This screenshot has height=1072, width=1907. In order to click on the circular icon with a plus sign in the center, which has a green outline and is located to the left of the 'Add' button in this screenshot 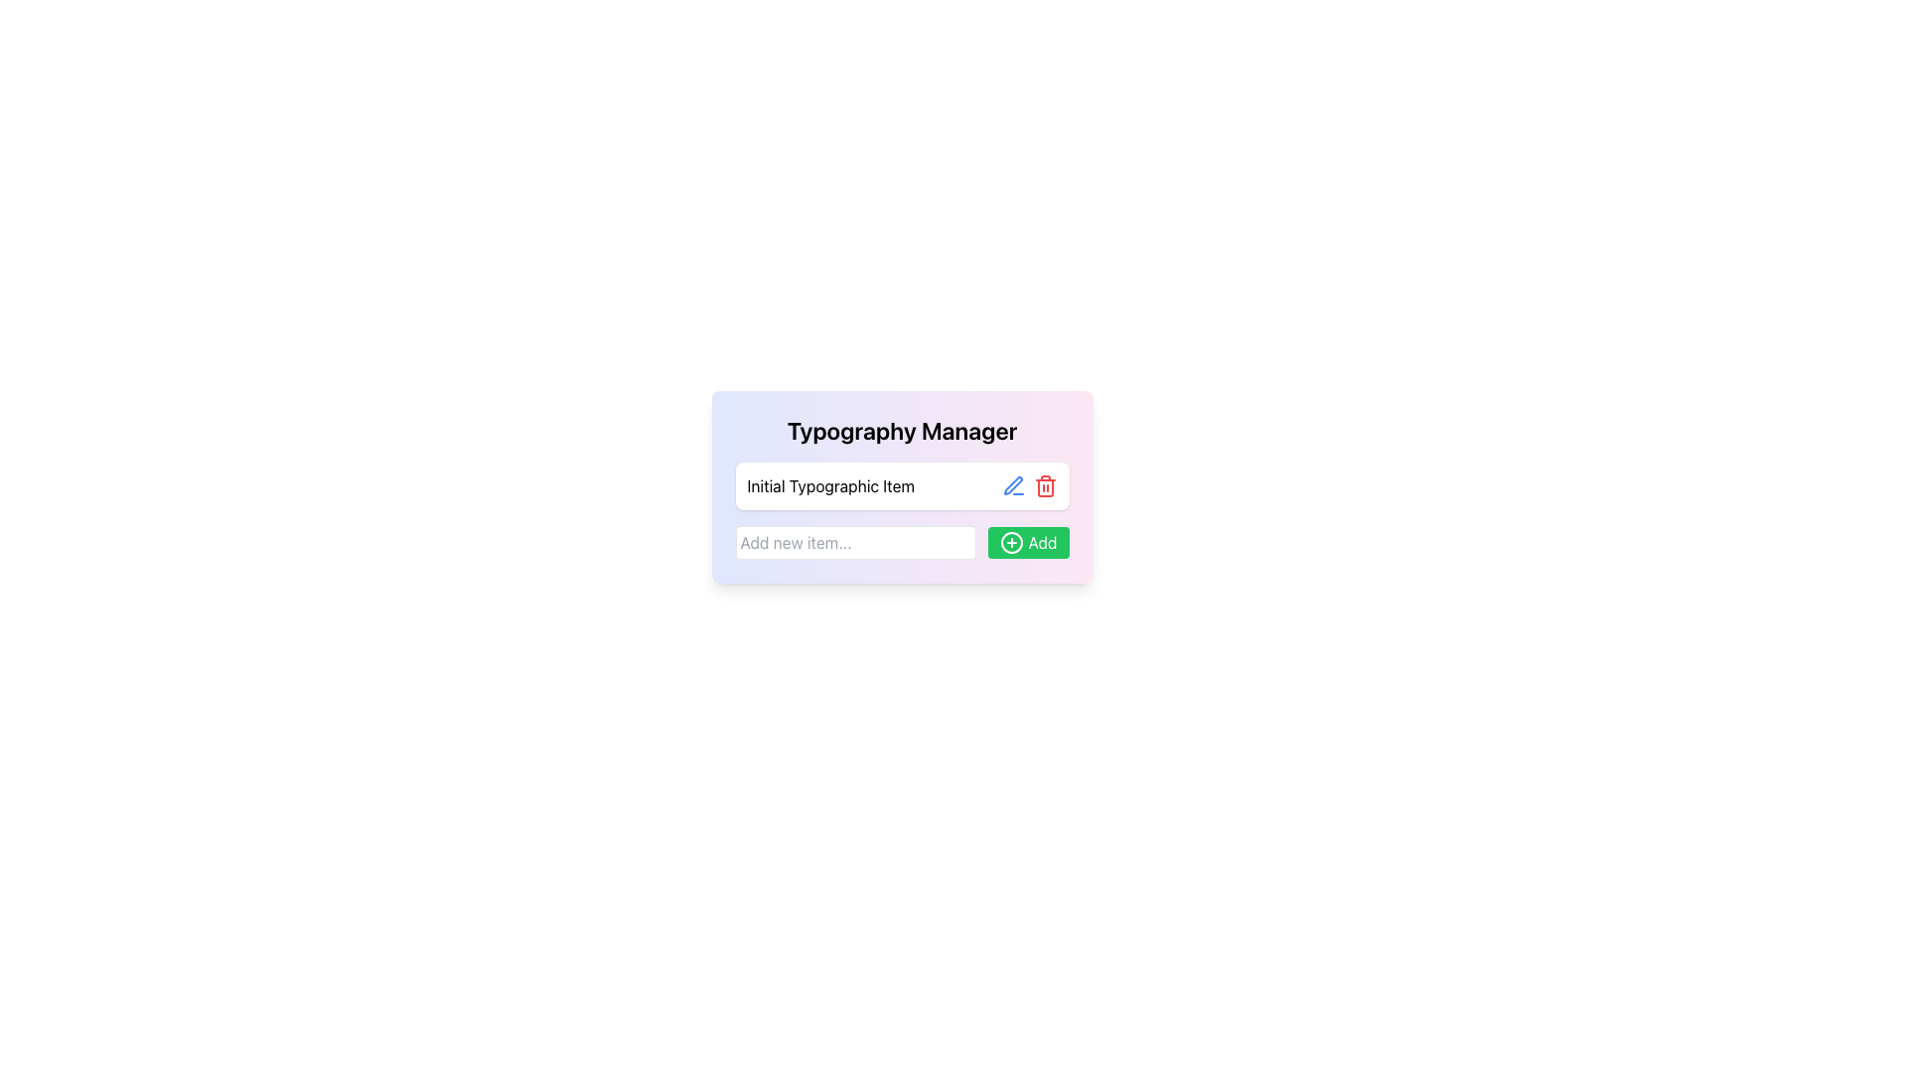, I will do `click(1012, 543)`.